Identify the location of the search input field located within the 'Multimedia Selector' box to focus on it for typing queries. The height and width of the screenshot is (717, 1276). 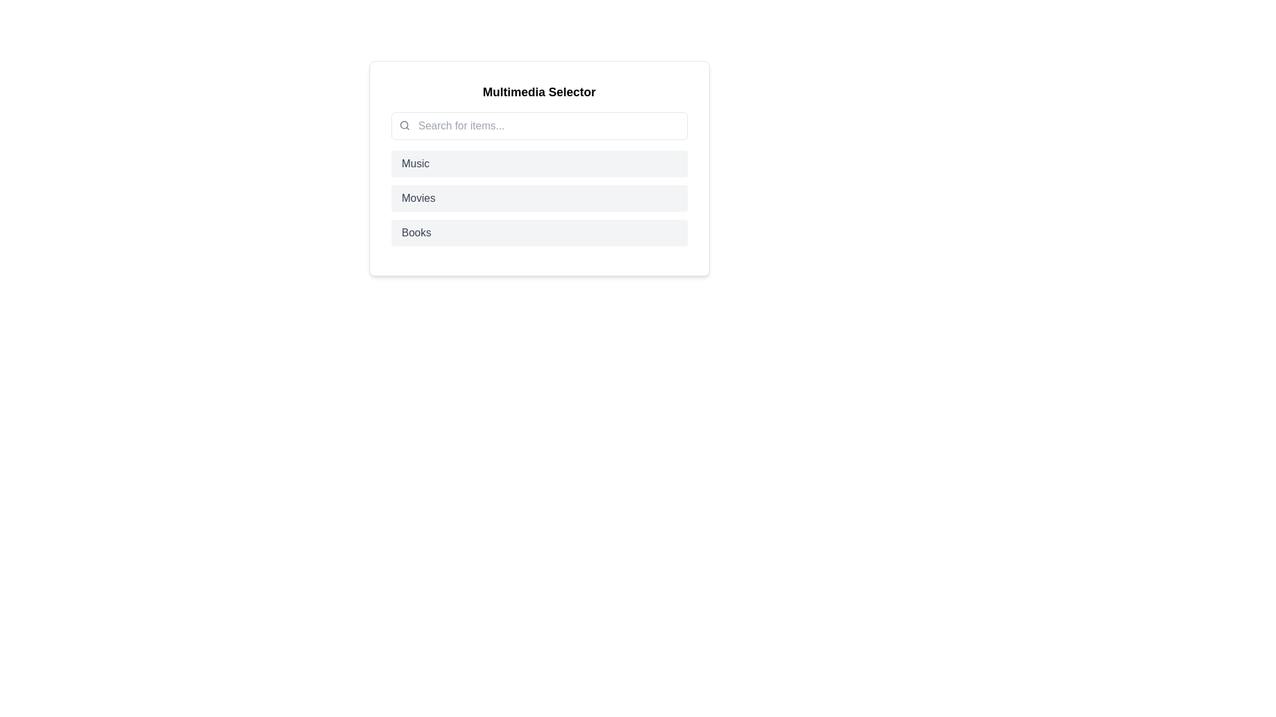
(539, 125).